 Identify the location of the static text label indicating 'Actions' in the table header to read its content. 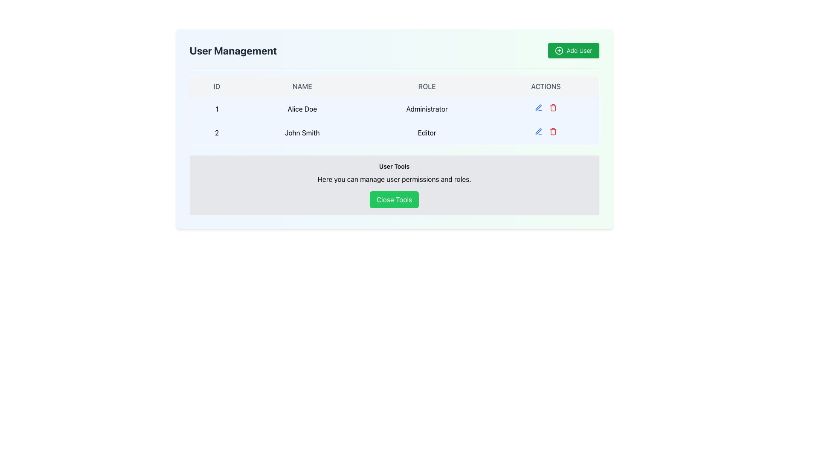
(546, 86).